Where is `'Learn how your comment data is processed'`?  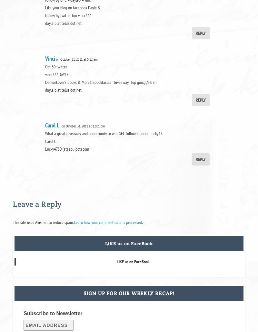 'Learn how your comment data is processed' is located at coordinates (108, 222).